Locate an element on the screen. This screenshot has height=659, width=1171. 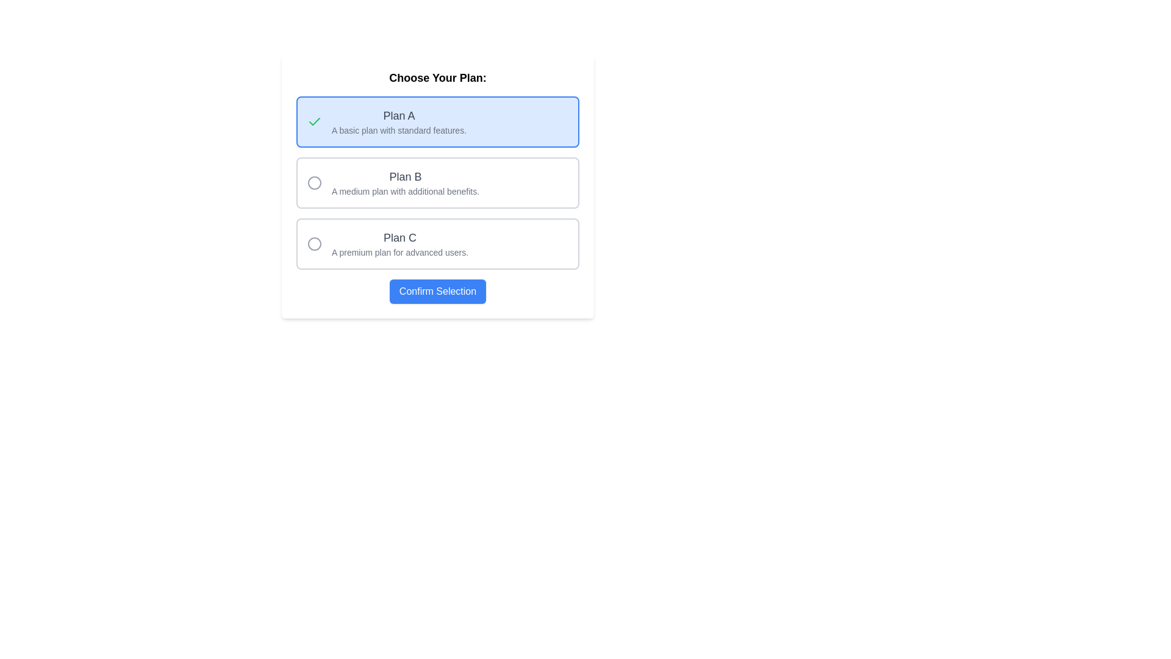
the rectangular button with a blue background and white text reading 'Confirm Selection' to confirm the selection is located at coordinates (438, 292).